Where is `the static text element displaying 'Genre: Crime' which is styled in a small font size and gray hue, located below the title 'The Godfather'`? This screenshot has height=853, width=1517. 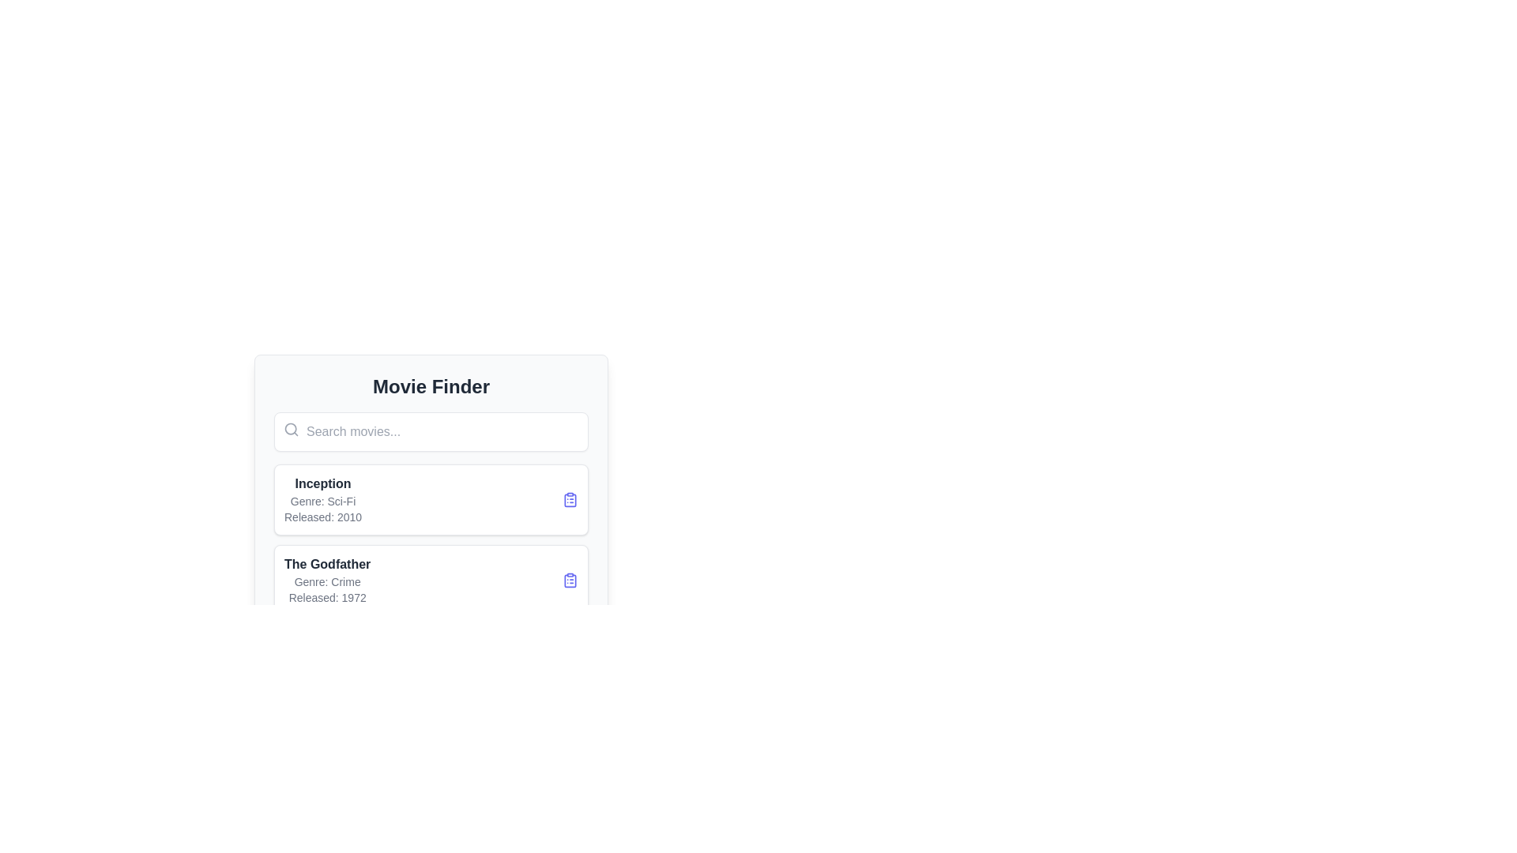 the static text element displaying 'Genre: Crime' which is styled in a small font size and gray hue, located below the title 'The Godfather' is located at coordinates (326, 581).